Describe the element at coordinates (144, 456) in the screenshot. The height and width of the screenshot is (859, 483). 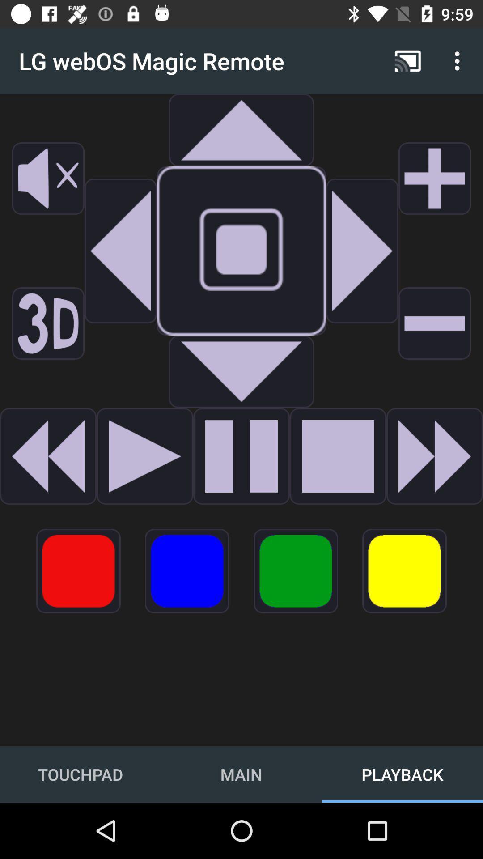
I see `the play icon` at that location.